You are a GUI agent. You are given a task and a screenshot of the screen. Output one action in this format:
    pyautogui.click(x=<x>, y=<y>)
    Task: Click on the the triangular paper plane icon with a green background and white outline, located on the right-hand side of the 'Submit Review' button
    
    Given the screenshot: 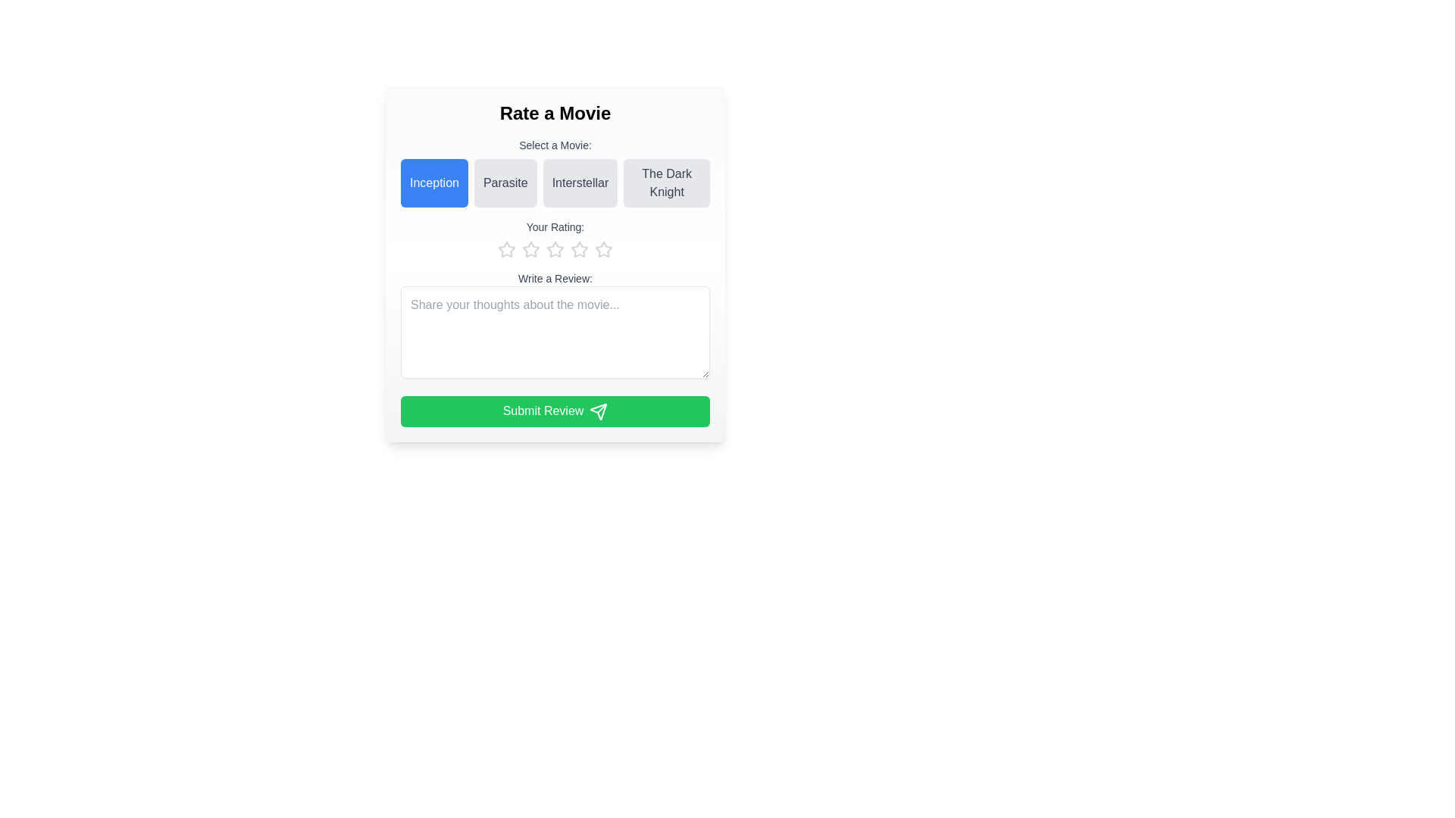 What is the action you would take?
    pyautogui.click(x=598, y=411)
    